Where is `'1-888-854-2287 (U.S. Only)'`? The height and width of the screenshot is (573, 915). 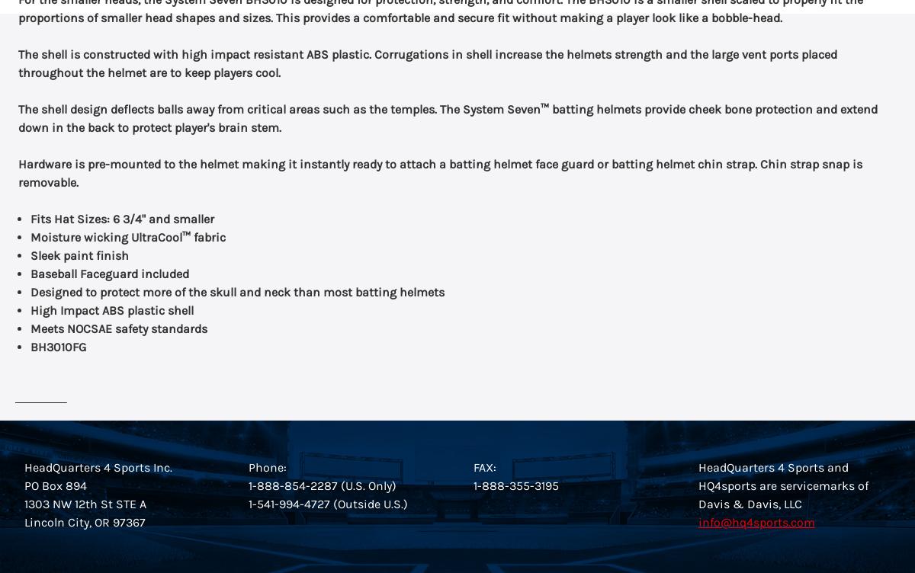
'1-888-854-2287 (U.S. Only)' is located at coordinates (323, 485).